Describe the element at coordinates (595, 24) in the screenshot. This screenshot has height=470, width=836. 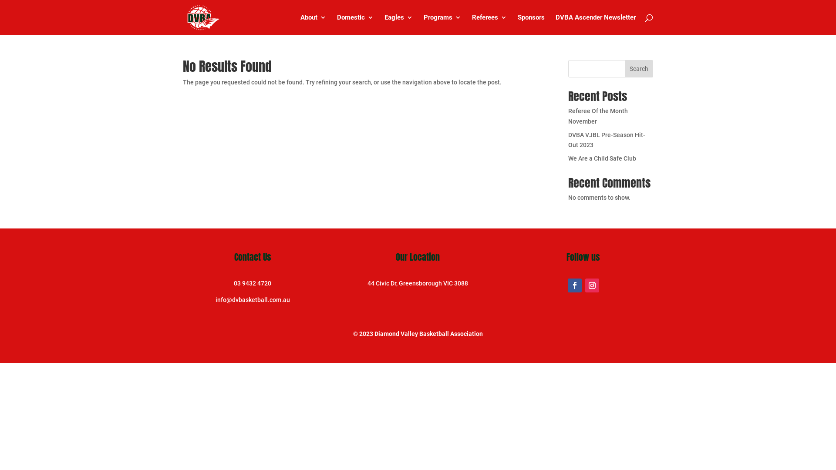
I see `'DVBA Ascender Newsletter'` at that location.